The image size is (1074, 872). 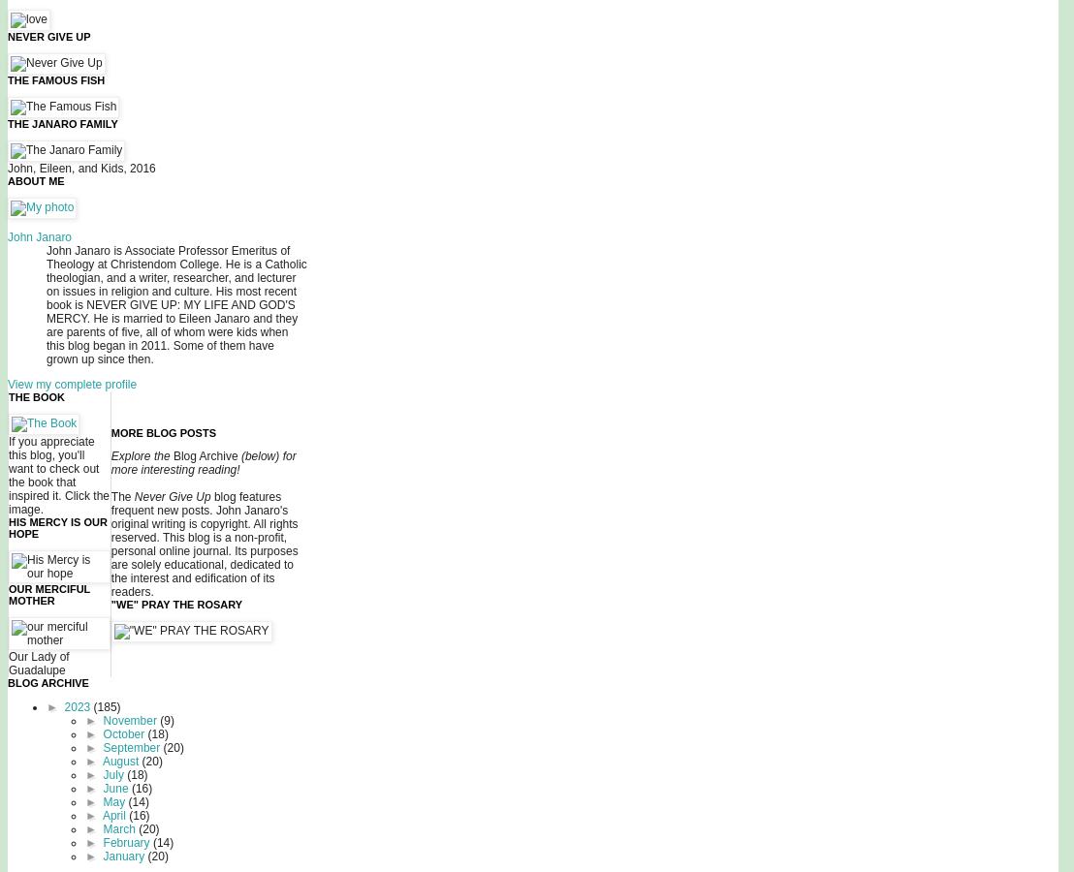 What do you see at coordinates (37, 397) in the screenshot?
I see `'The Book'` at bounding box center [37, 397].